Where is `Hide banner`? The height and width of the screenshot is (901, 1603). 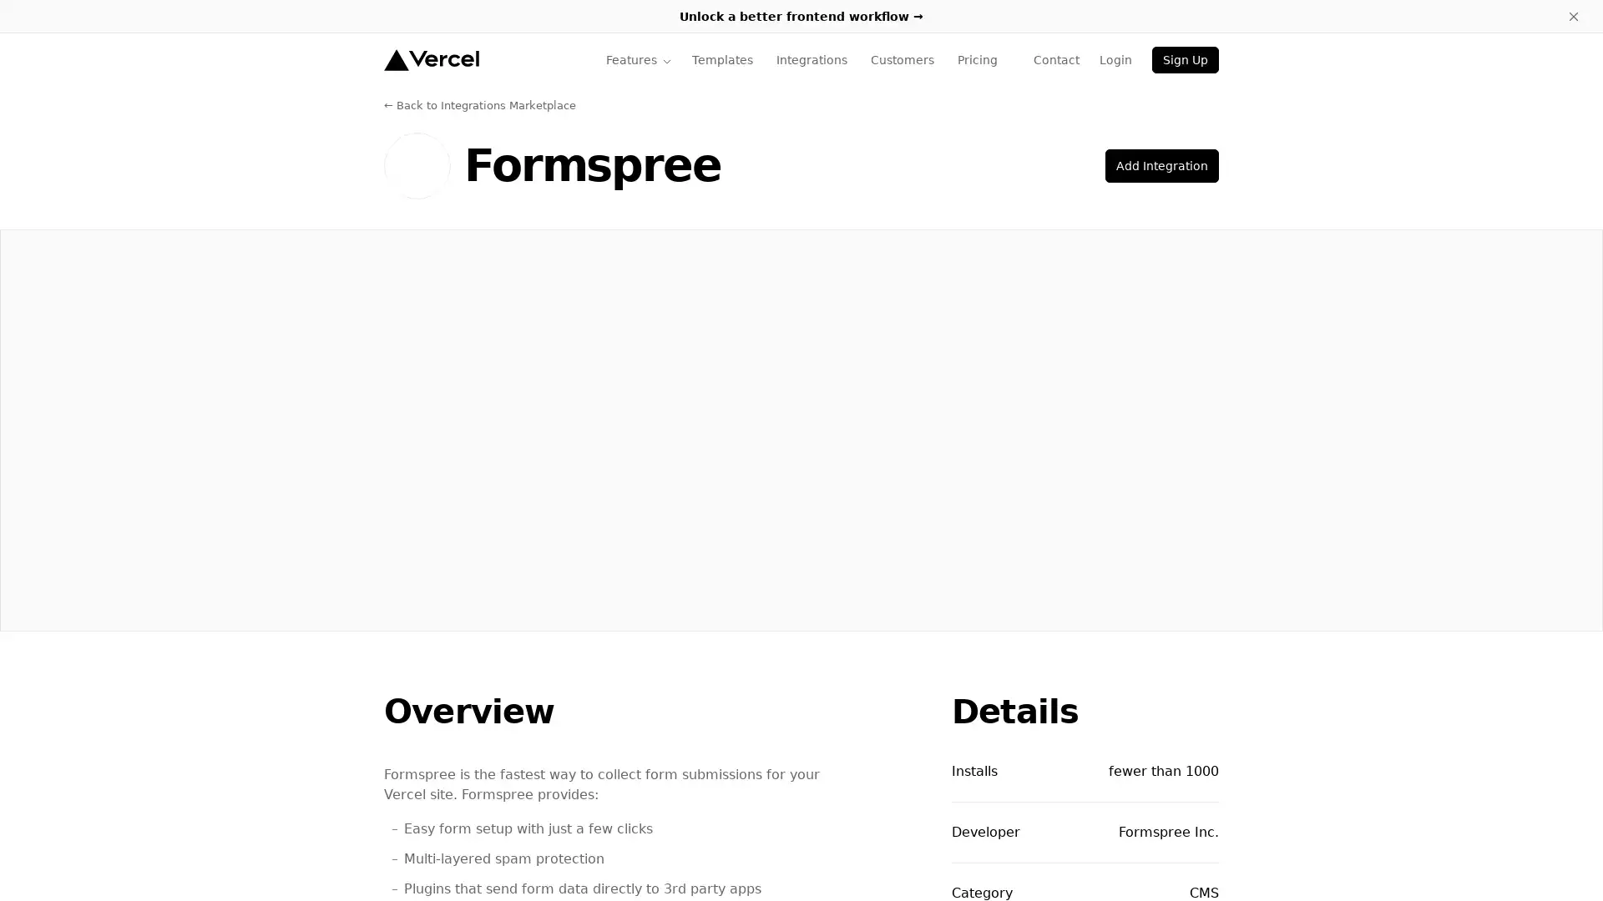 Hide banner is located at coordinates (1573, 16).